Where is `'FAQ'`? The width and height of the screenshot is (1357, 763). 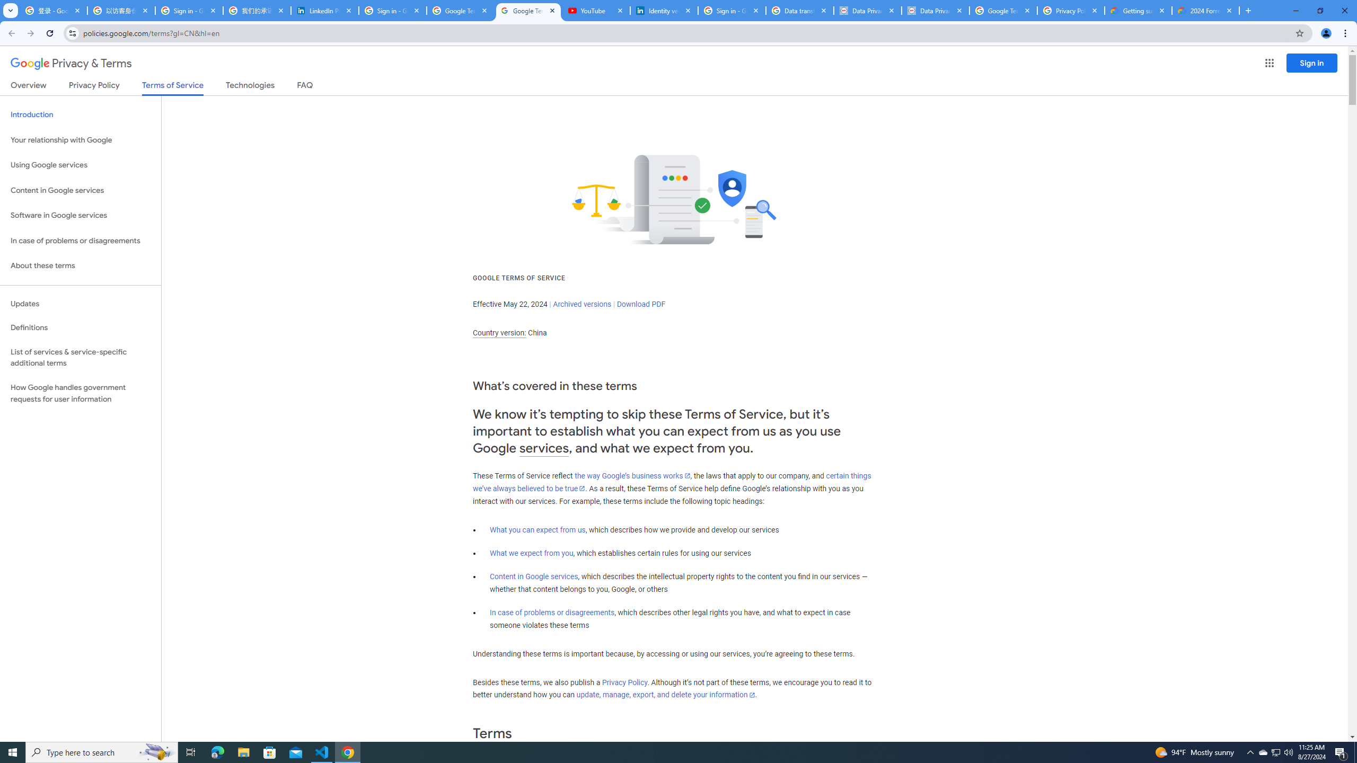 'FAQ' is located at coordinates (305, 87).